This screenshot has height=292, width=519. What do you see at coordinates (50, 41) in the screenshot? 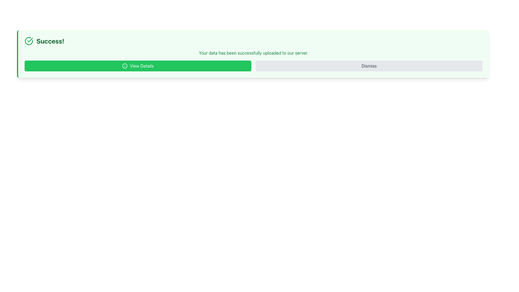
I see `the static text label that serves as a confirmation message, located to the right of a green check-circle icon` at bounding box center [50, 41].